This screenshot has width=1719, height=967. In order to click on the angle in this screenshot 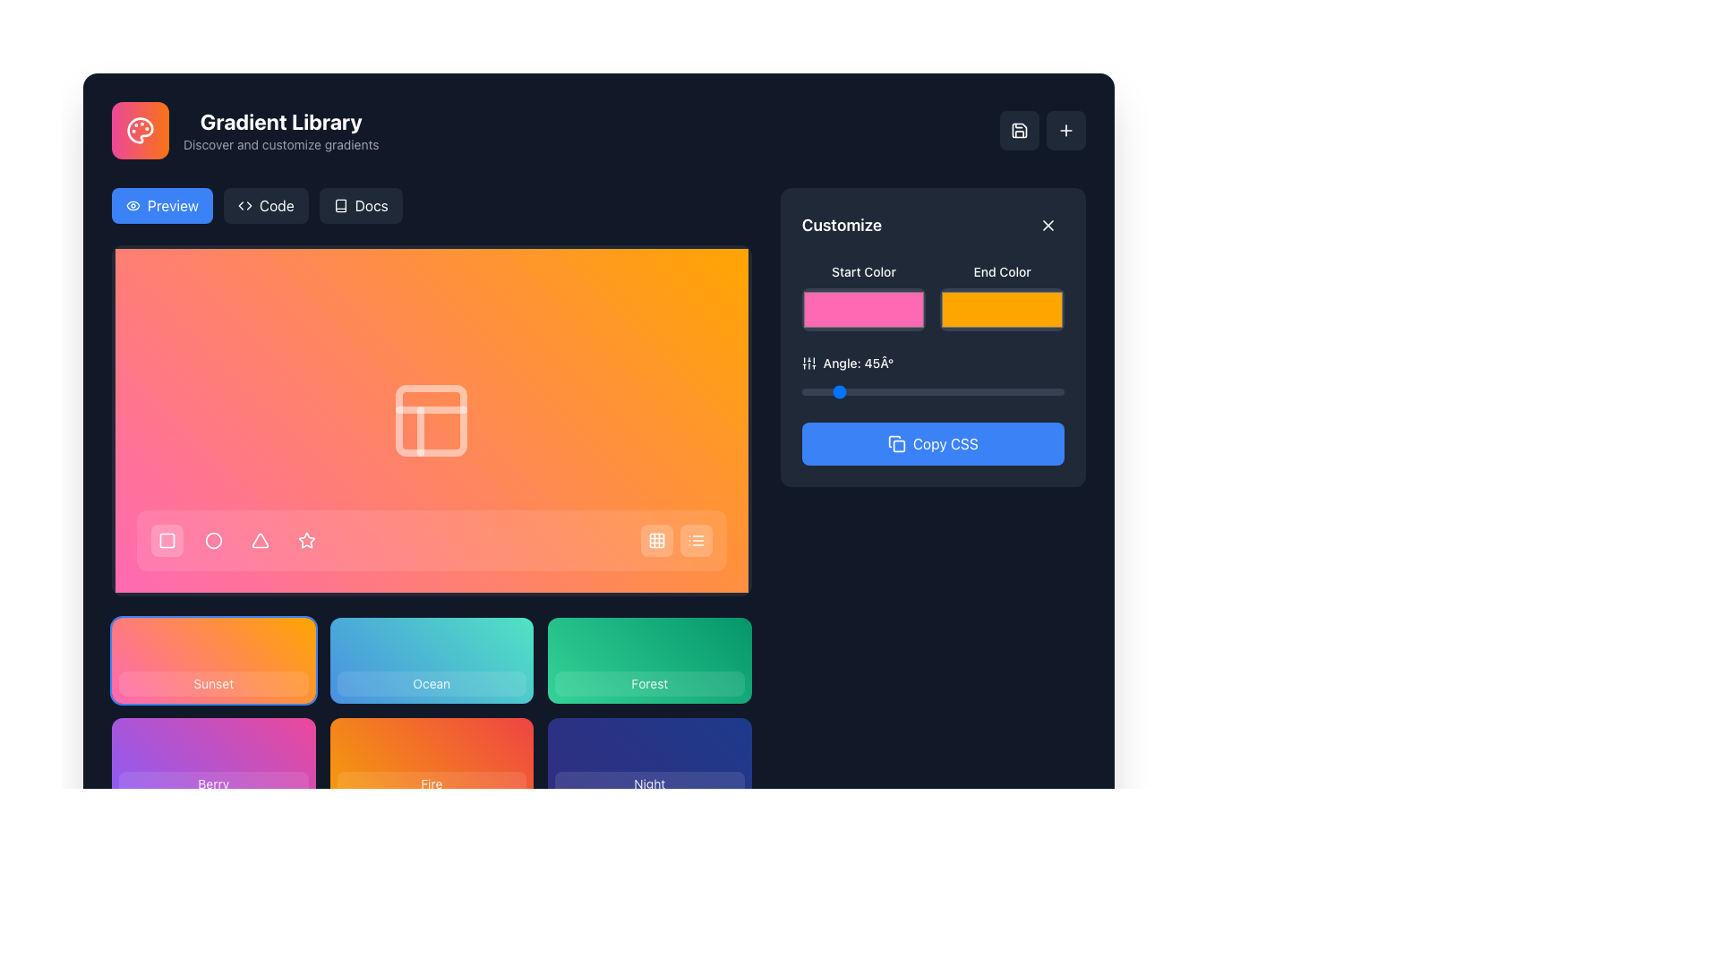, I will do `click(969, 391)`.